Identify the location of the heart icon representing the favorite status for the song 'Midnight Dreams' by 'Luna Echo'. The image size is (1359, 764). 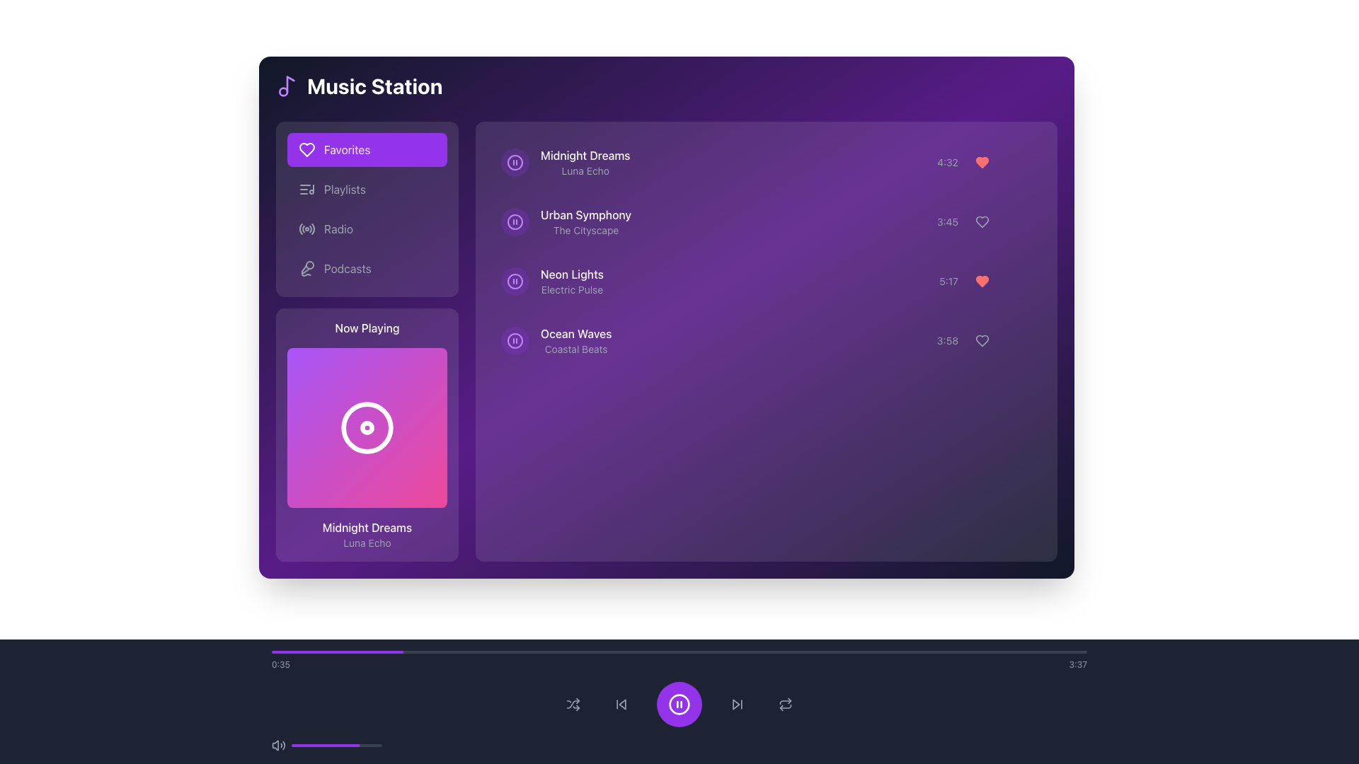
(984, 162).